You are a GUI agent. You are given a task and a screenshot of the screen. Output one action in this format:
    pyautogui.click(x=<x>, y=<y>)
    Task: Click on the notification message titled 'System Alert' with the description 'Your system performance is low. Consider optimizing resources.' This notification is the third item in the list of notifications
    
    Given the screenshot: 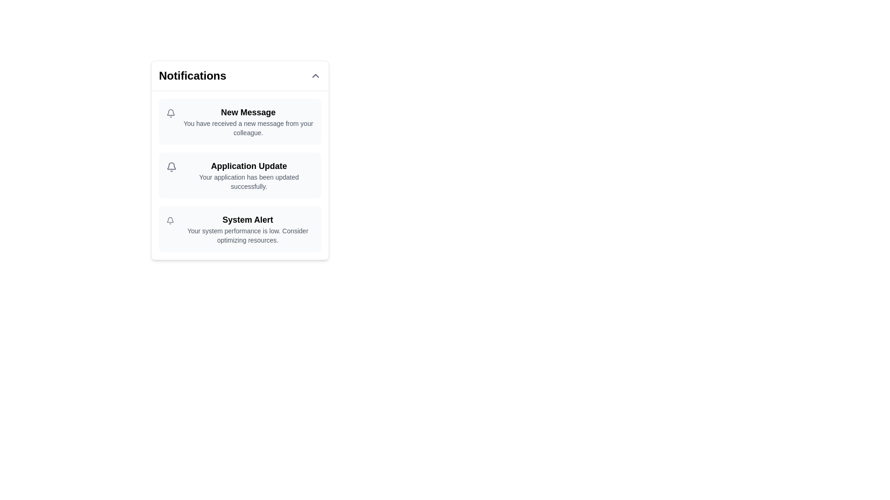 What is the action you would take?
    pyautogui.click(x=248, y=229)
    